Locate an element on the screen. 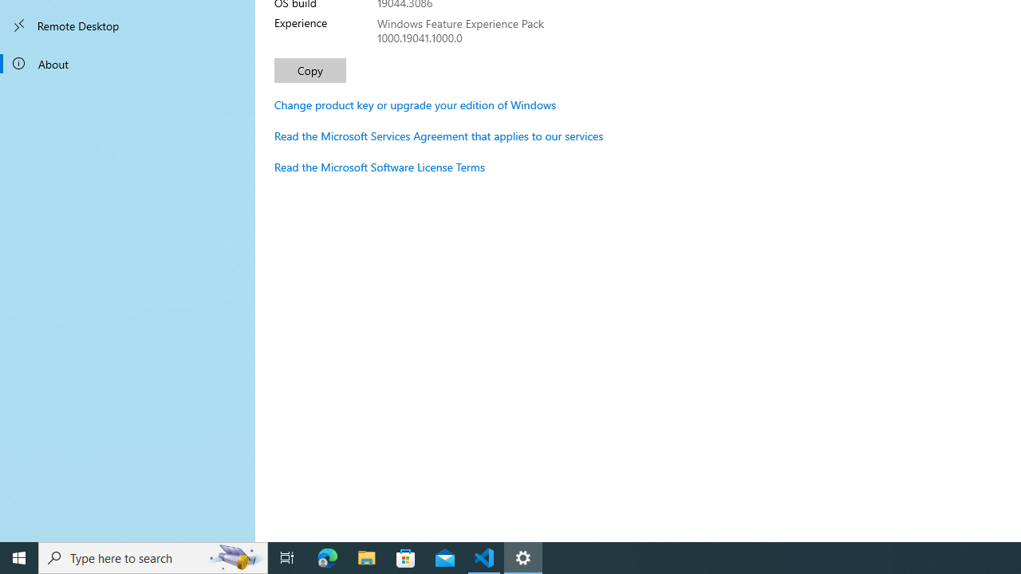 The width and height of the screenshot is (1021, 574). 'Read the Microsoft Software License Terms' is located at coordinates (379, 167).